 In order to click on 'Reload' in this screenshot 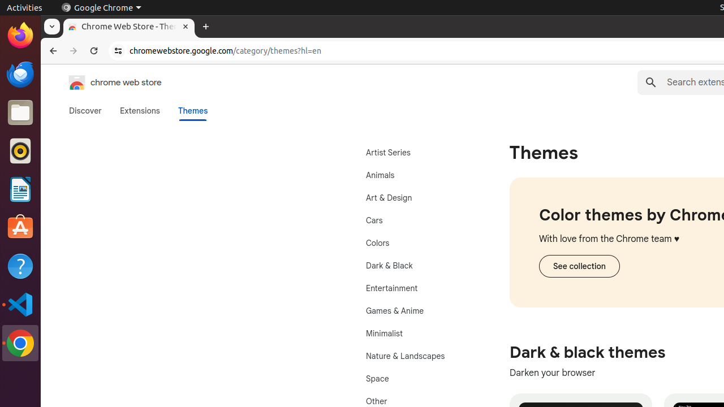, I will do `click(94, 51)`.